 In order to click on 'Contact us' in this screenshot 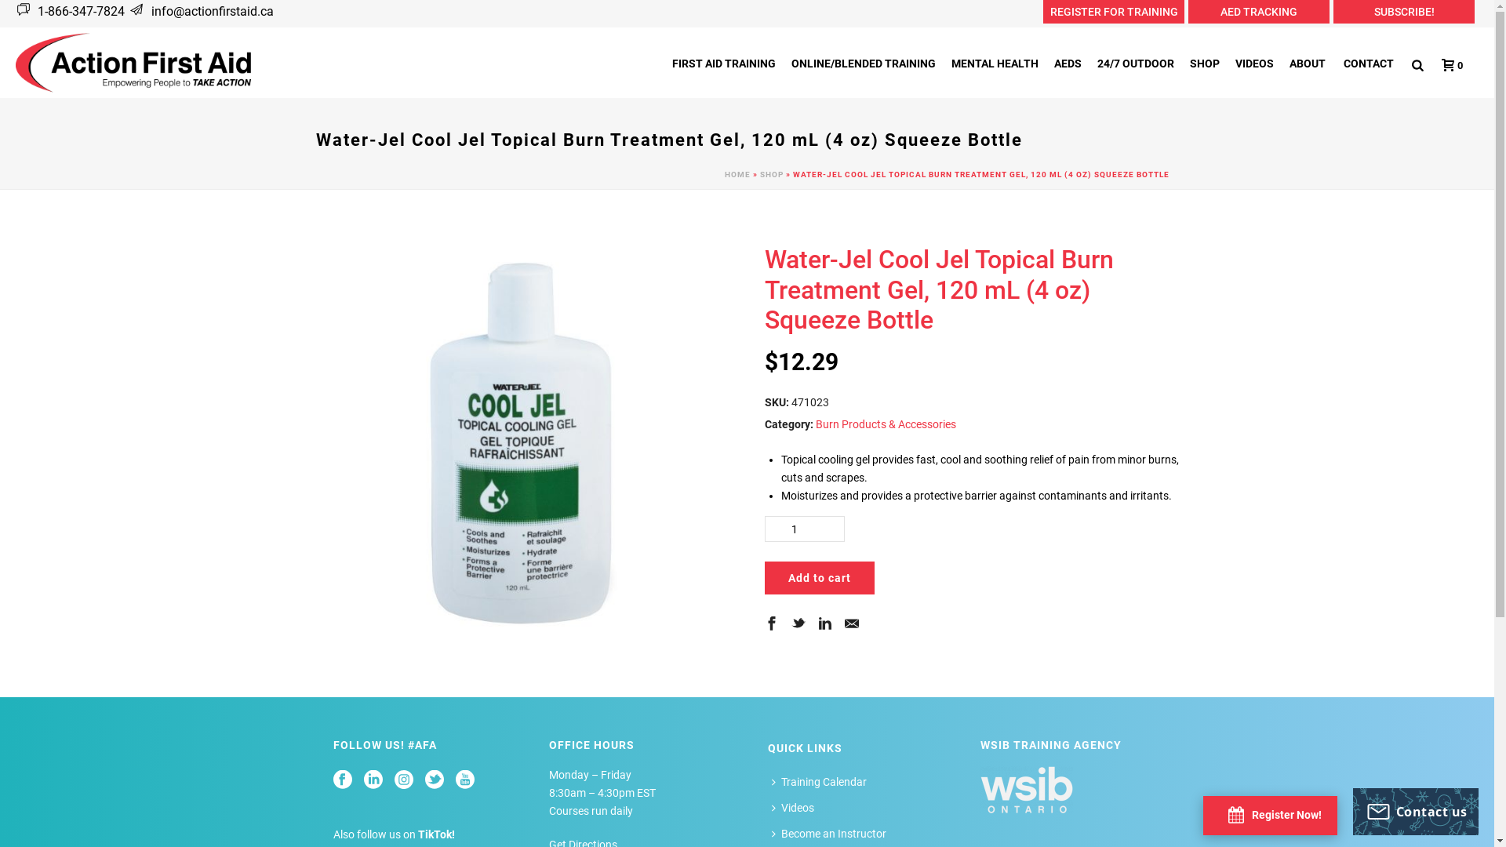, I will do `click(1415, 811)`.